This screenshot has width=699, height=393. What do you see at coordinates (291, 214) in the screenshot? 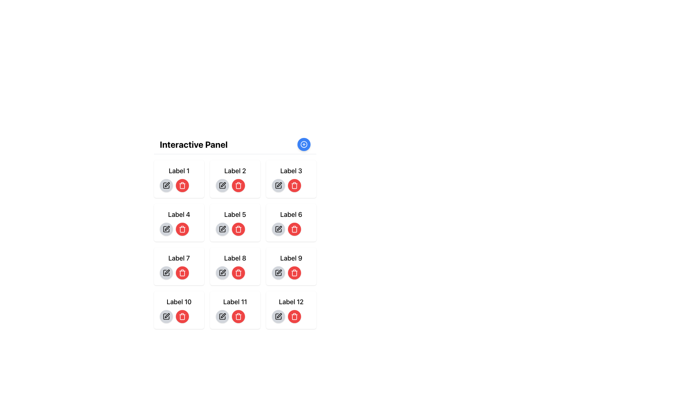
I see `the text label displaying 'Label 6', which is located in the third column of the second row under the header 'Interactive Panel'` at bounding box center [291, 214].